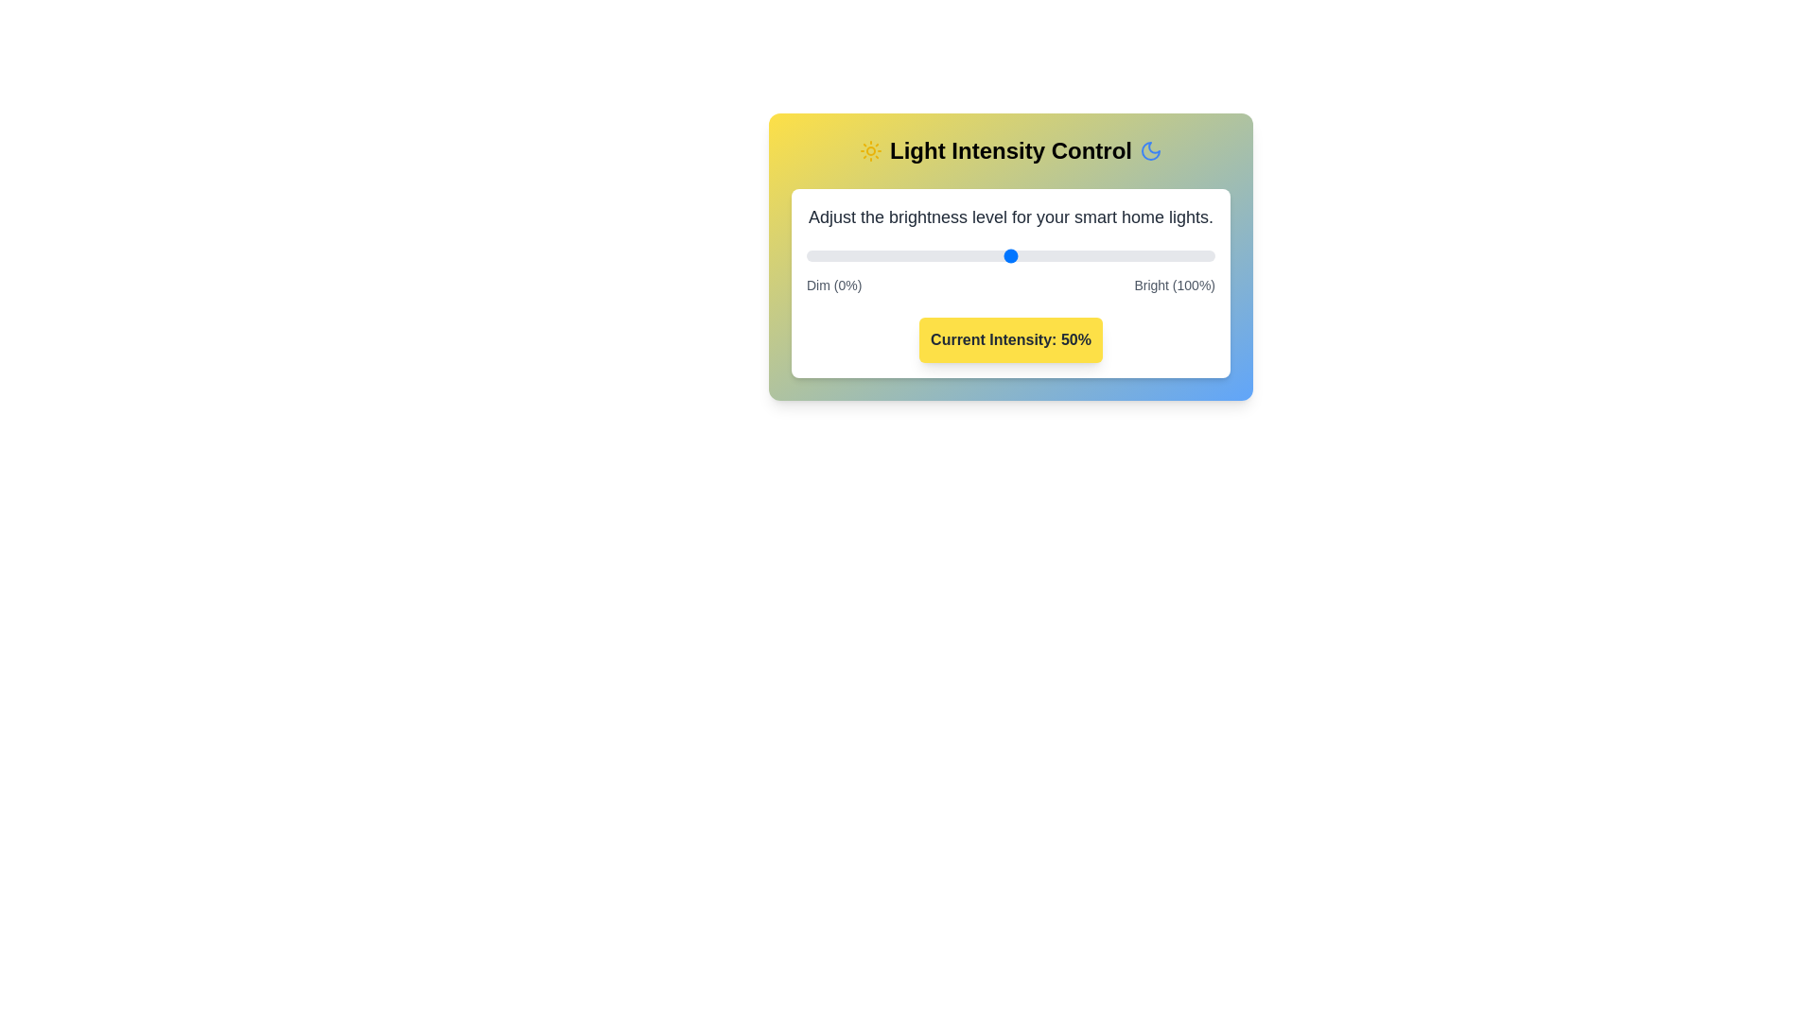  I want to click on the light intensity to 9% by dragging the slider, so click(842, 255).